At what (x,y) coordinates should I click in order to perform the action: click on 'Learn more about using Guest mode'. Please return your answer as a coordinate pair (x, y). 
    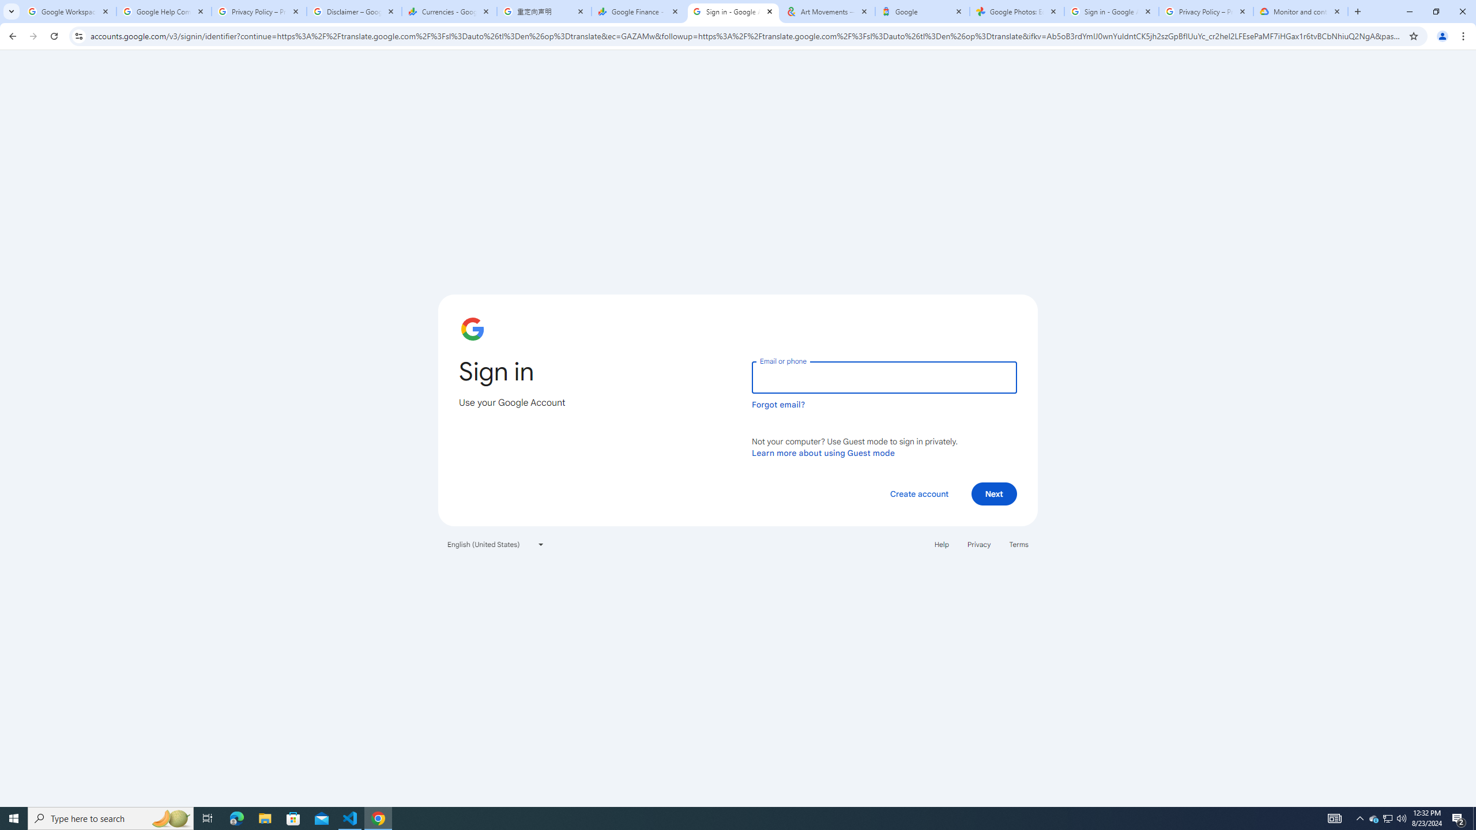
    Looking at the image, I should click on (823, 452).